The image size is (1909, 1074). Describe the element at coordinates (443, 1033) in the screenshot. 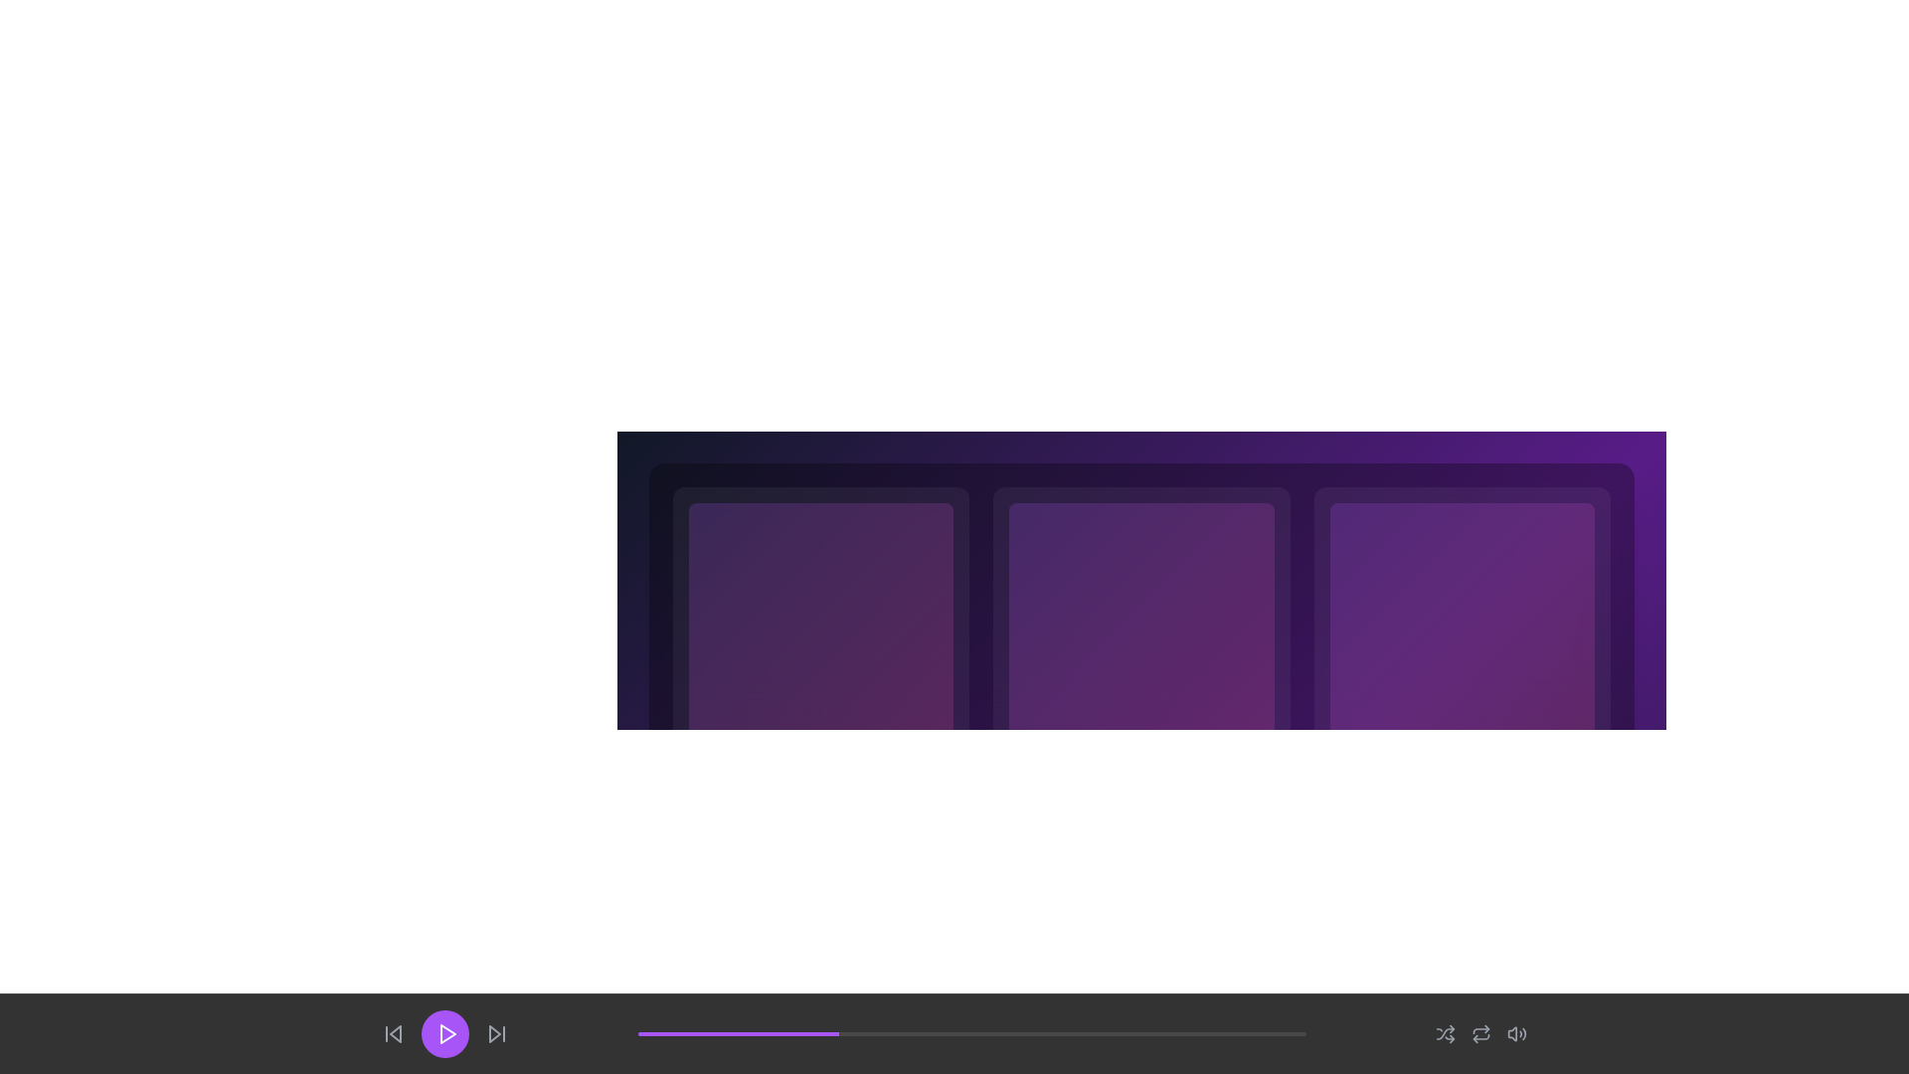

I see `the play button located centrally along the bottom toolbar of the interface` at that location.